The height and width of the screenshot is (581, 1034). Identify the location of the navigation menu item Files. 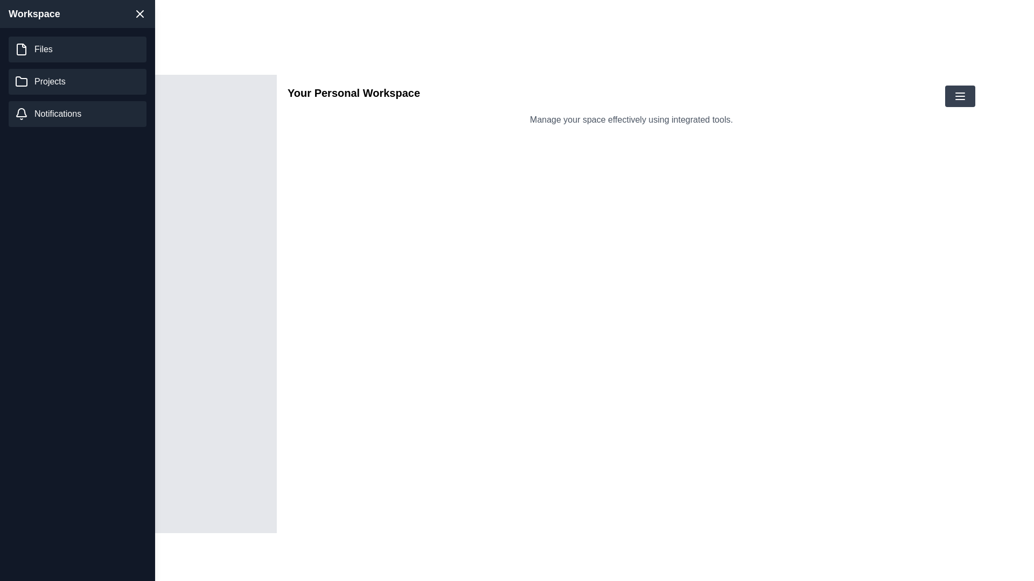
(77, 49).